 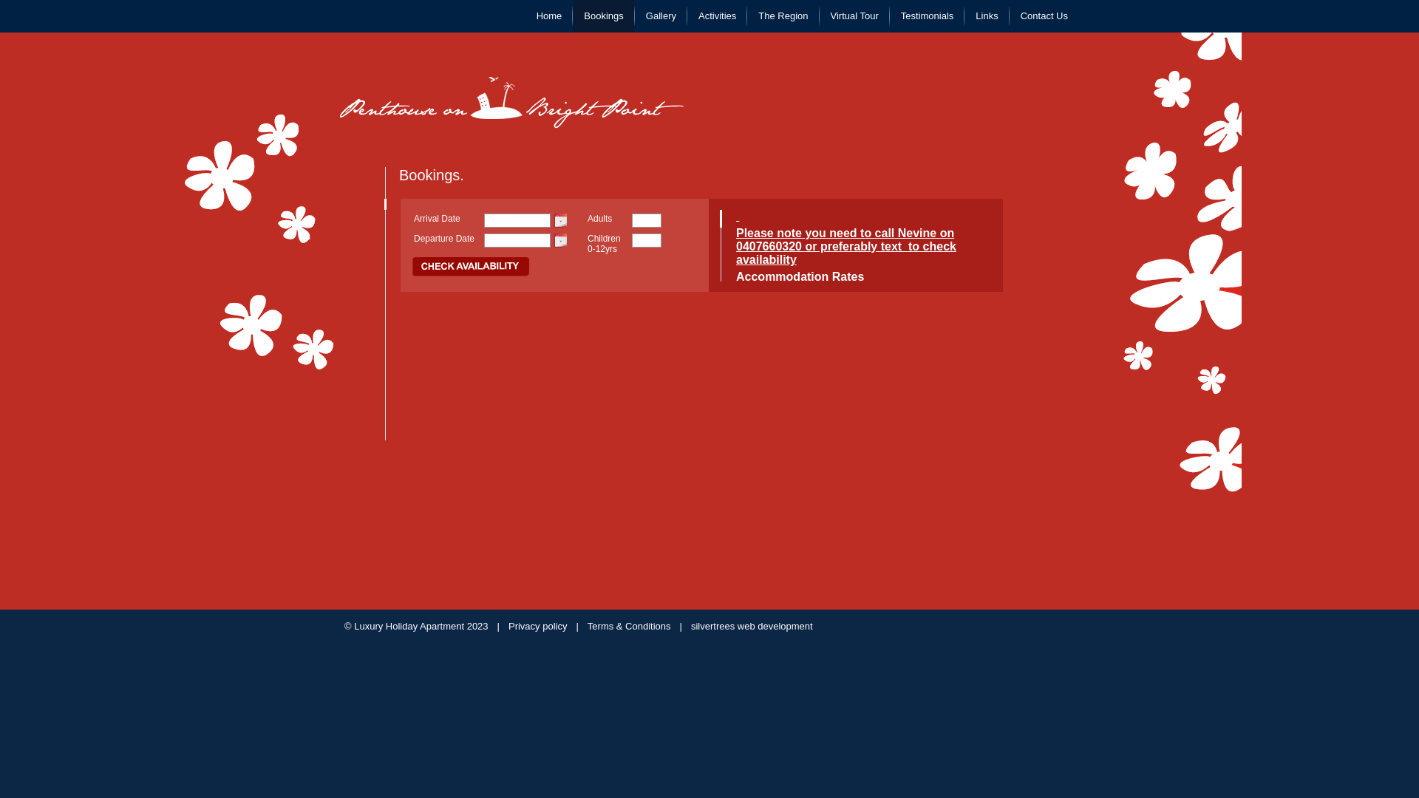 I want to click on 'Home', so click(x=525, y=16).